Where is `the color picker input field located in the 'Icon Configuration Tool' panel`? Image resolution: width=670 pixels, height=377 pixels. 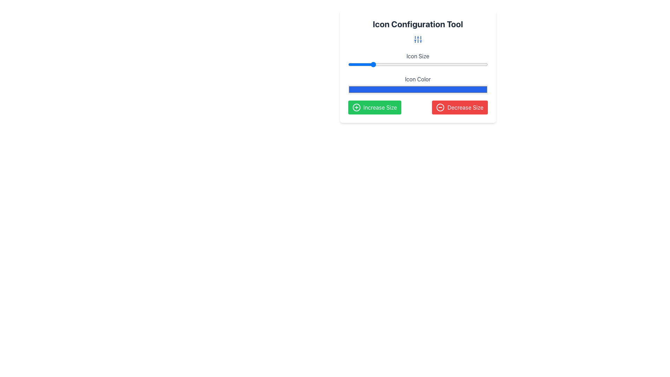 the color picker input field located in the 'Icon Configuration Tool' panel is located at coordinates (418, 83).